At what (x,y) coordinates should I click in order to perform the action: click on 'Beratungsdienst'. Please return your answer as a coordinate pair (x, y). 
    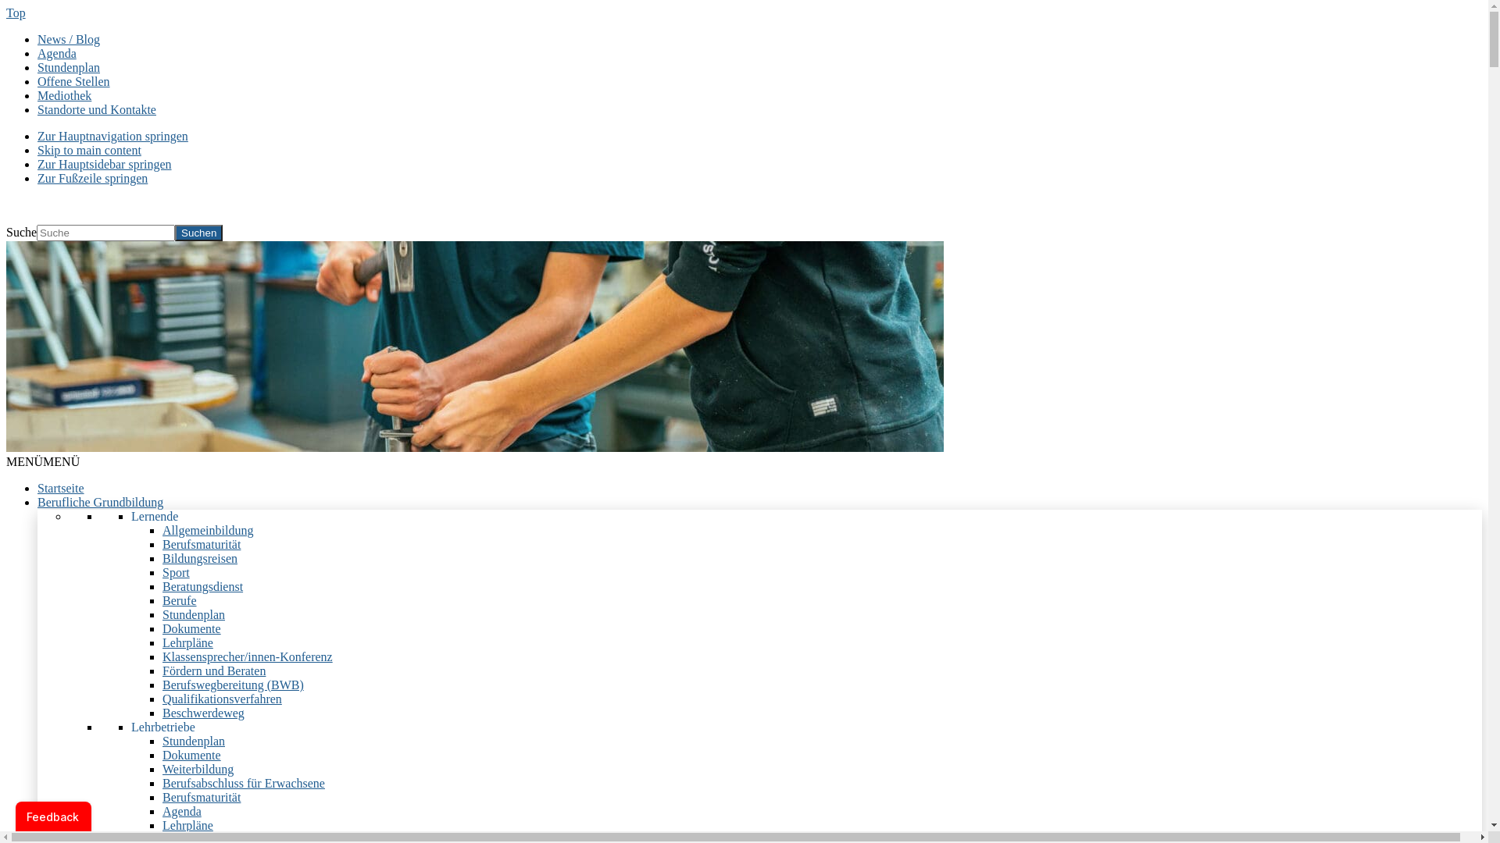
    Looking at the image, I should click on (162, 586).